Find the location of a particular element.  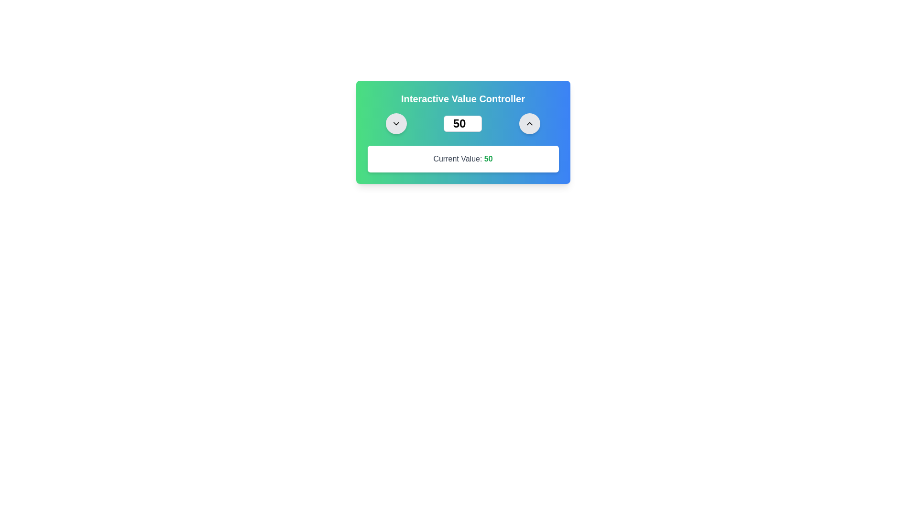

the leftmost circular button with a gray background and a downward-pointing chevron icon is located at coordinates (396, 123).